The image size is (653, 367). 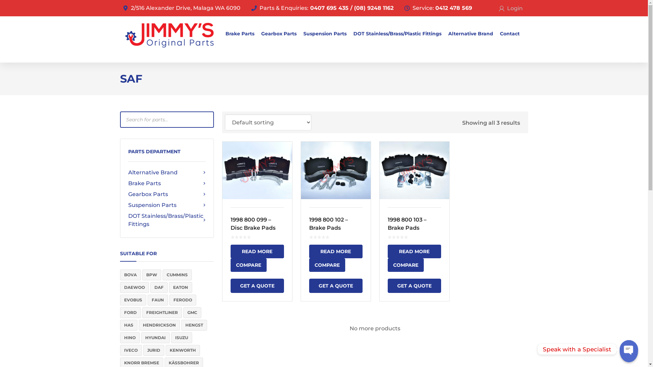 I want to click on 'CUMMINS', so click(x=177, y=275).